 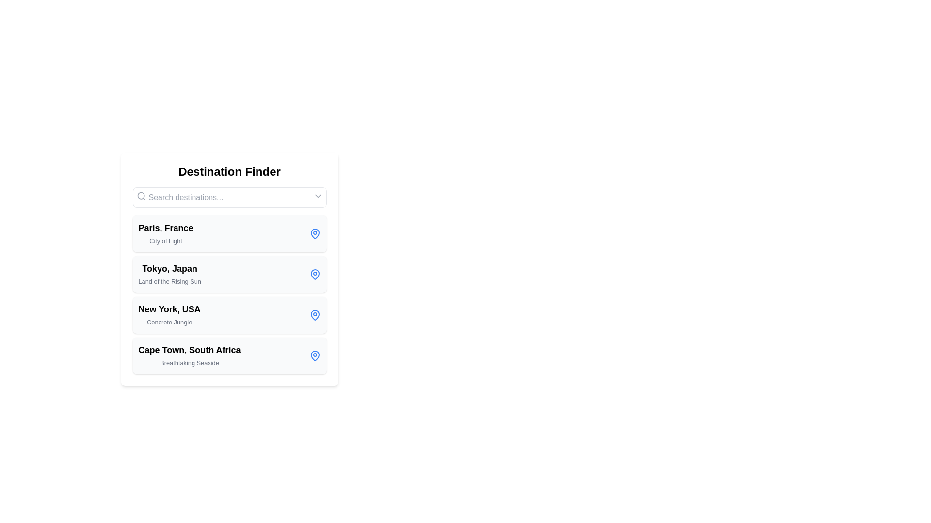 What do you see at coordinates (315, 315) in the screenshot?
I see `the map pin icon representing the destination 'New York, USA' in the 'Destination Finder' section` at bounding box center [315, 315].